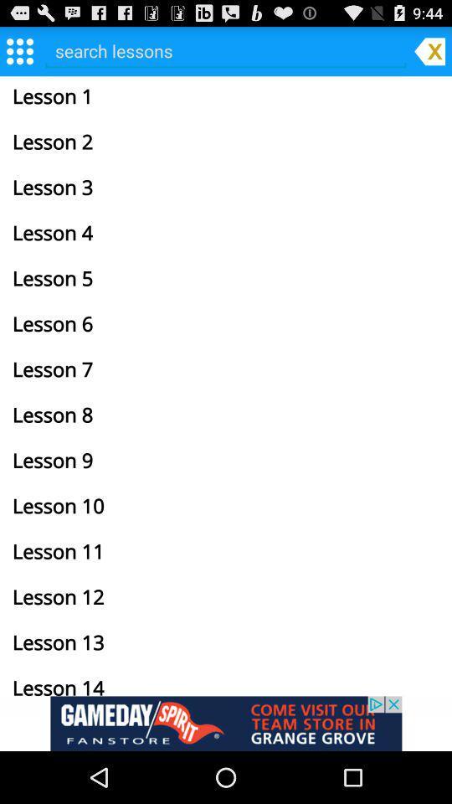  Describe the element at coordinates (18, 49) in the screenshot. I see `main menu` at that location.